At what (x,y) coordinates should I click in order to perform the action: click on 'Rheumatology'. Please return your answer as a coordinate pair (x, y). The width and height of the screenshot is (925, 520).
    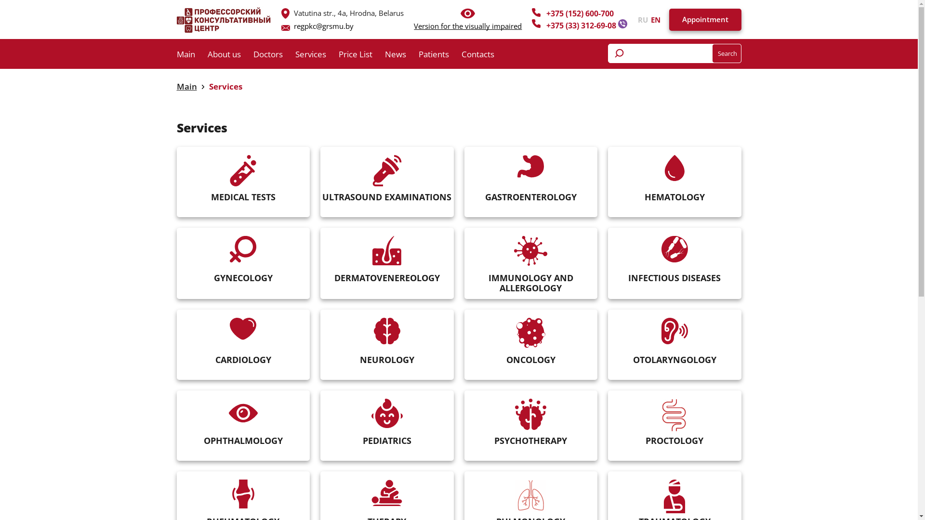
    Looking at the image, I should click on (243, 494).